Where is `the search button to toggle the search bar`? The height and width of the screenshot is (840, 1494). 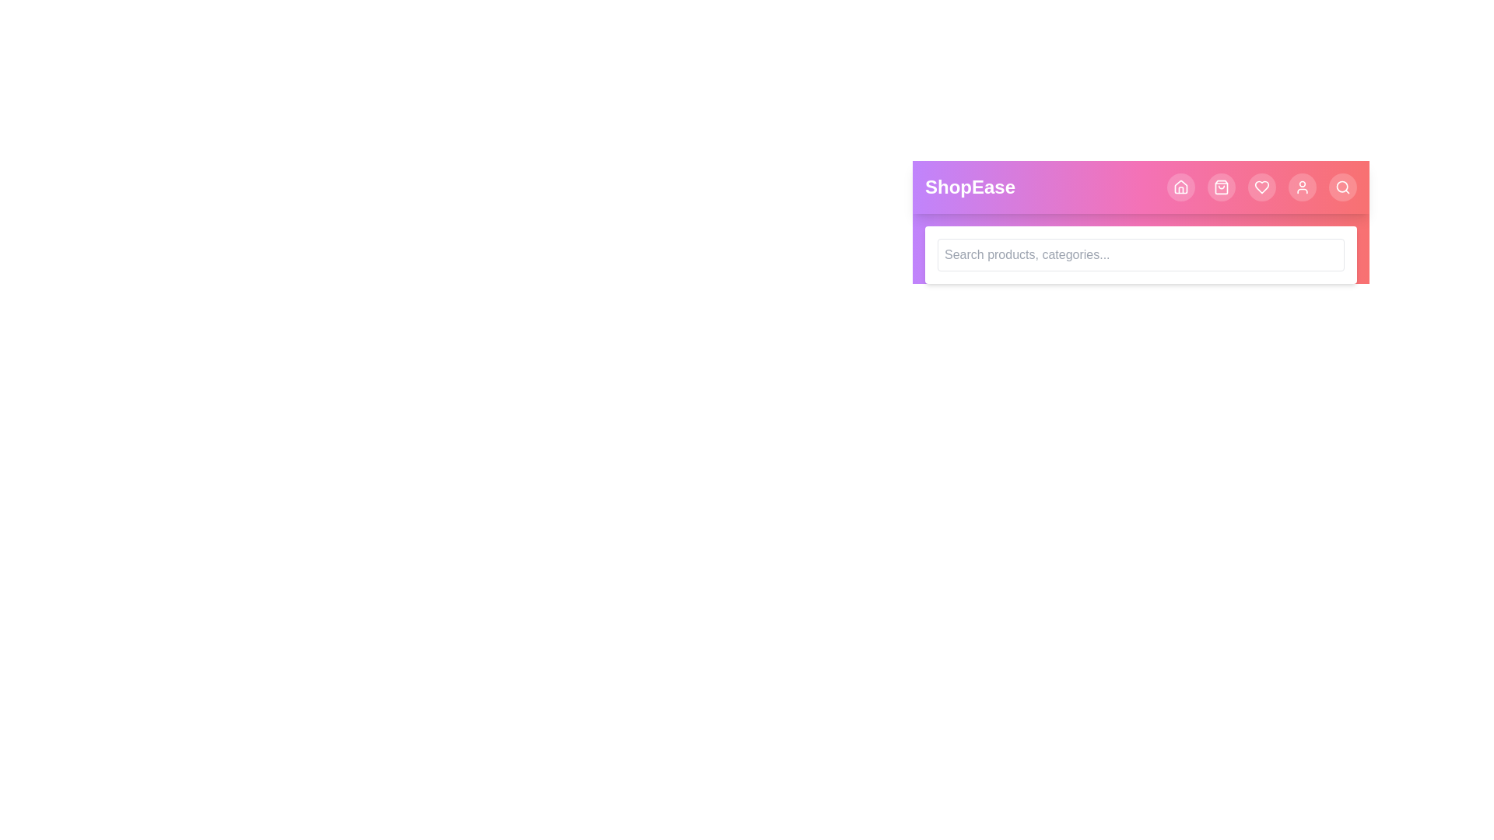 the search button to toggle the search bar is located at coordinates (1342, 186).